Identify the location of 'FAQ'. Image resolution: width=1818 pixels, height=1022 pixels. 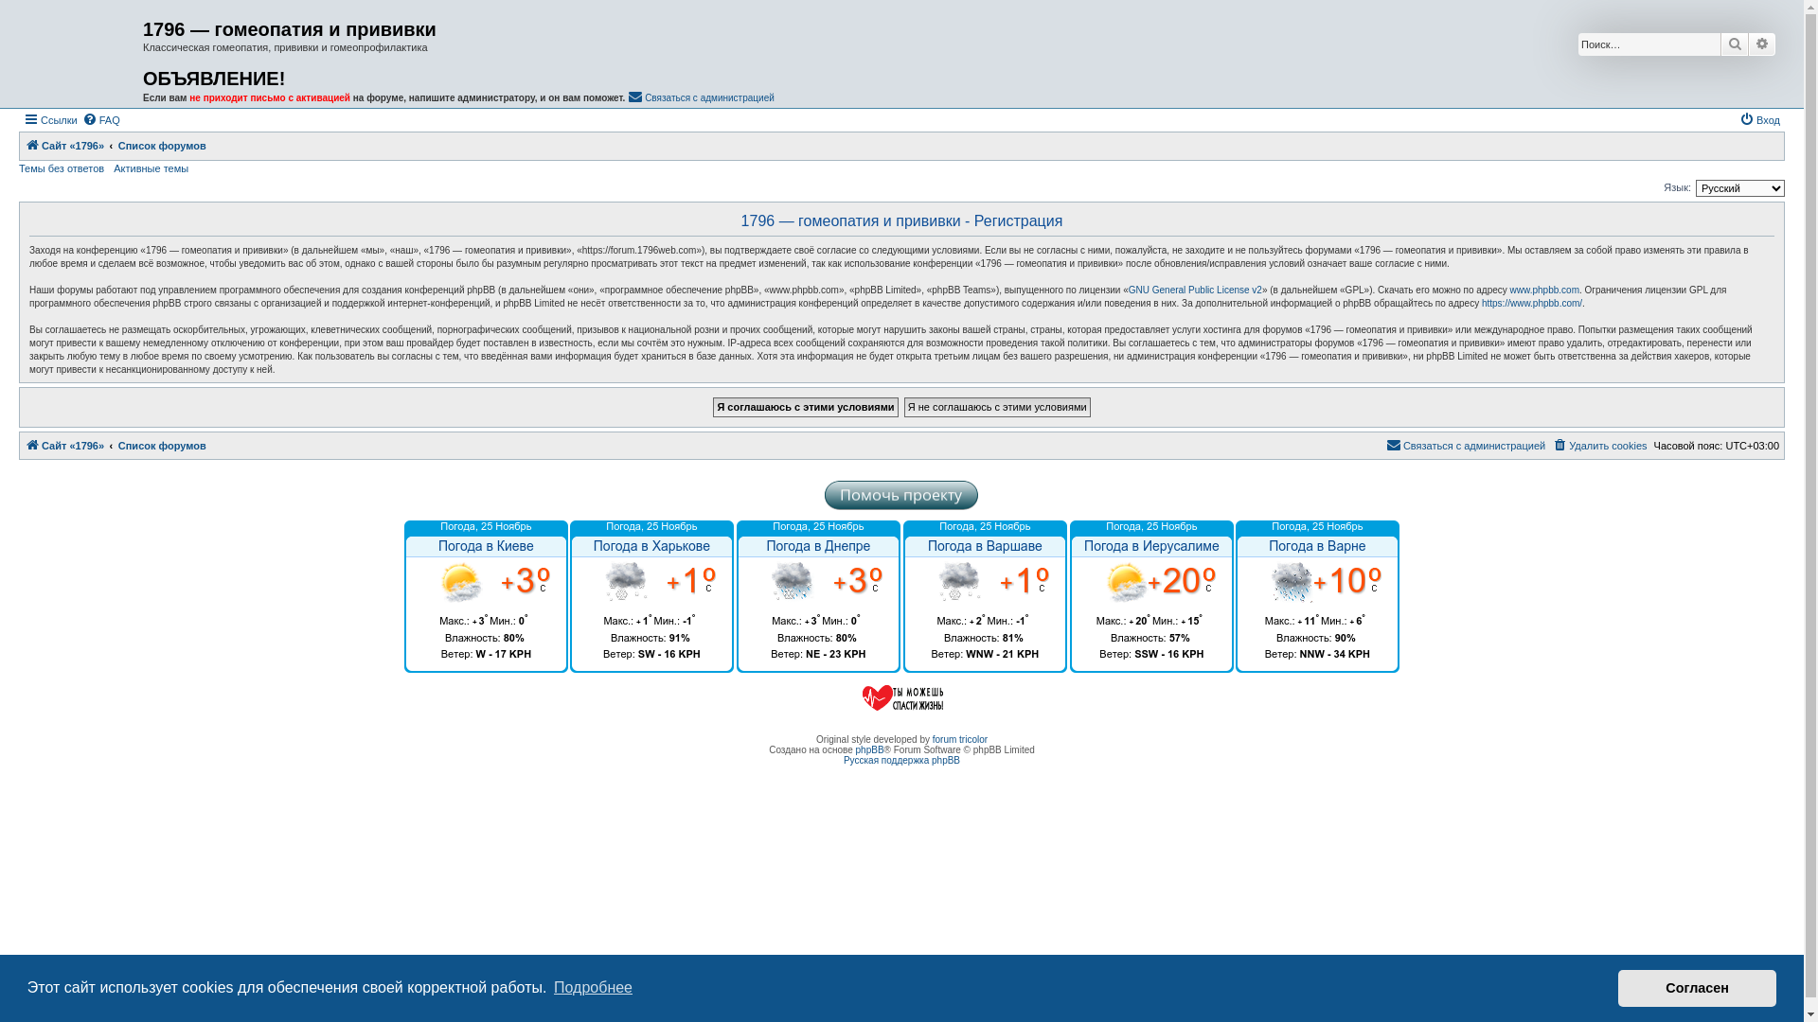
(99, 120).